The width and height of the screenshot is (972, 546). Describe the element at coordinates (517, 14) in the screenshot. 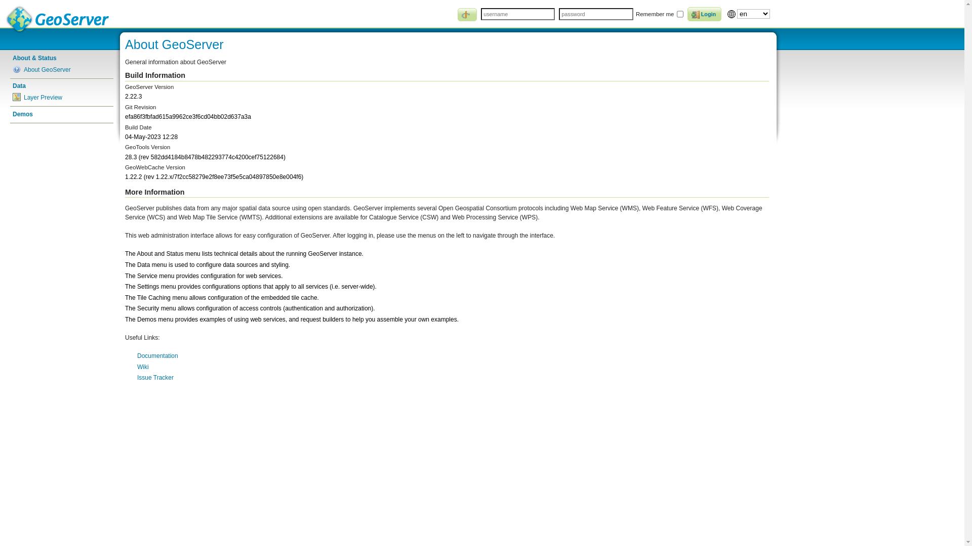

I see `'username'` at that location.